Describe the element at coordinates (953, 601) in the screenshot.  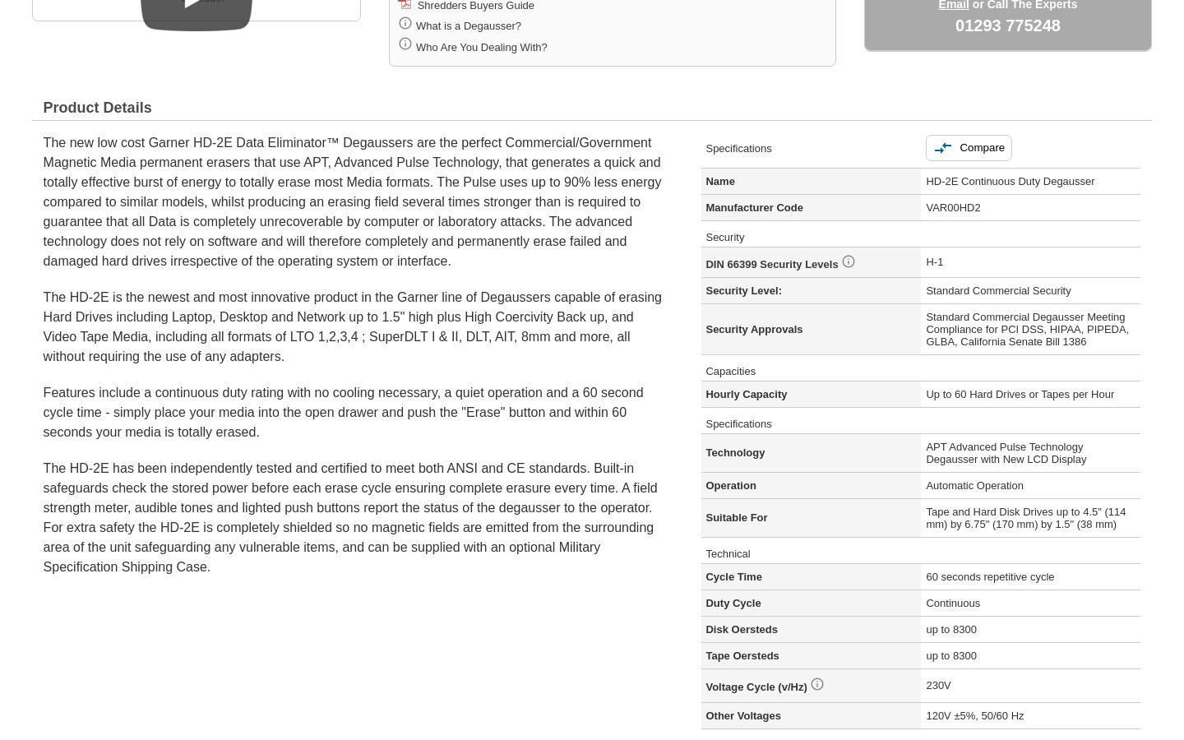
I see `'Continuous'` at that location.